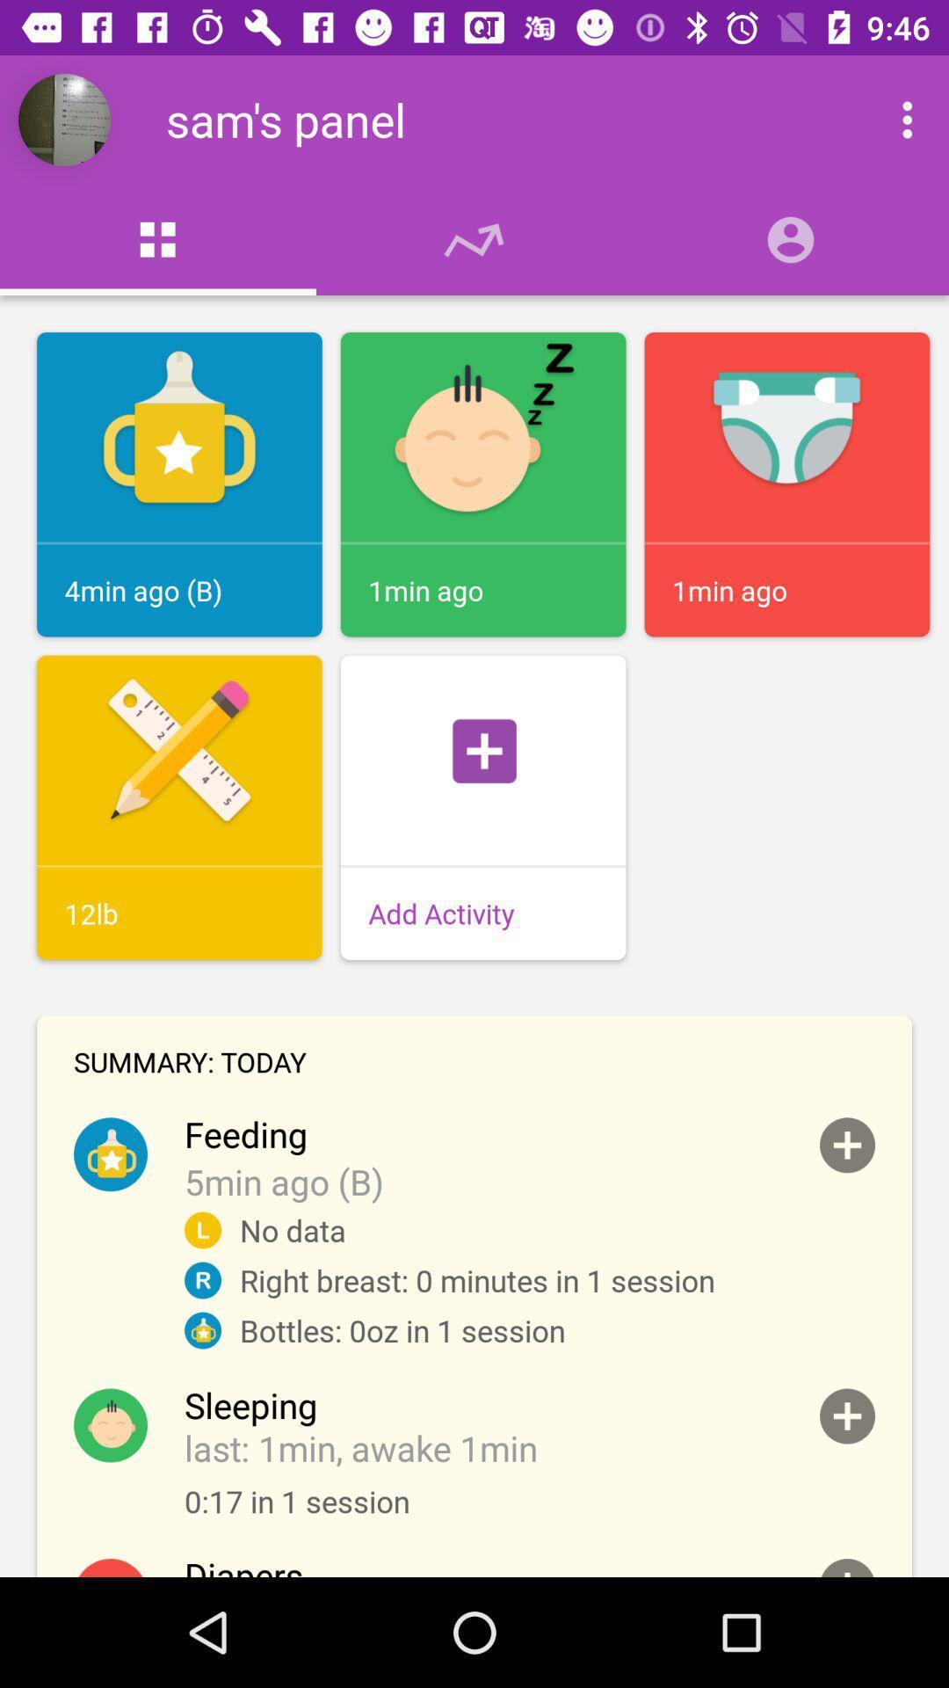 The image size is (949, 1688). I want to click on feed, so click(846, 1145).